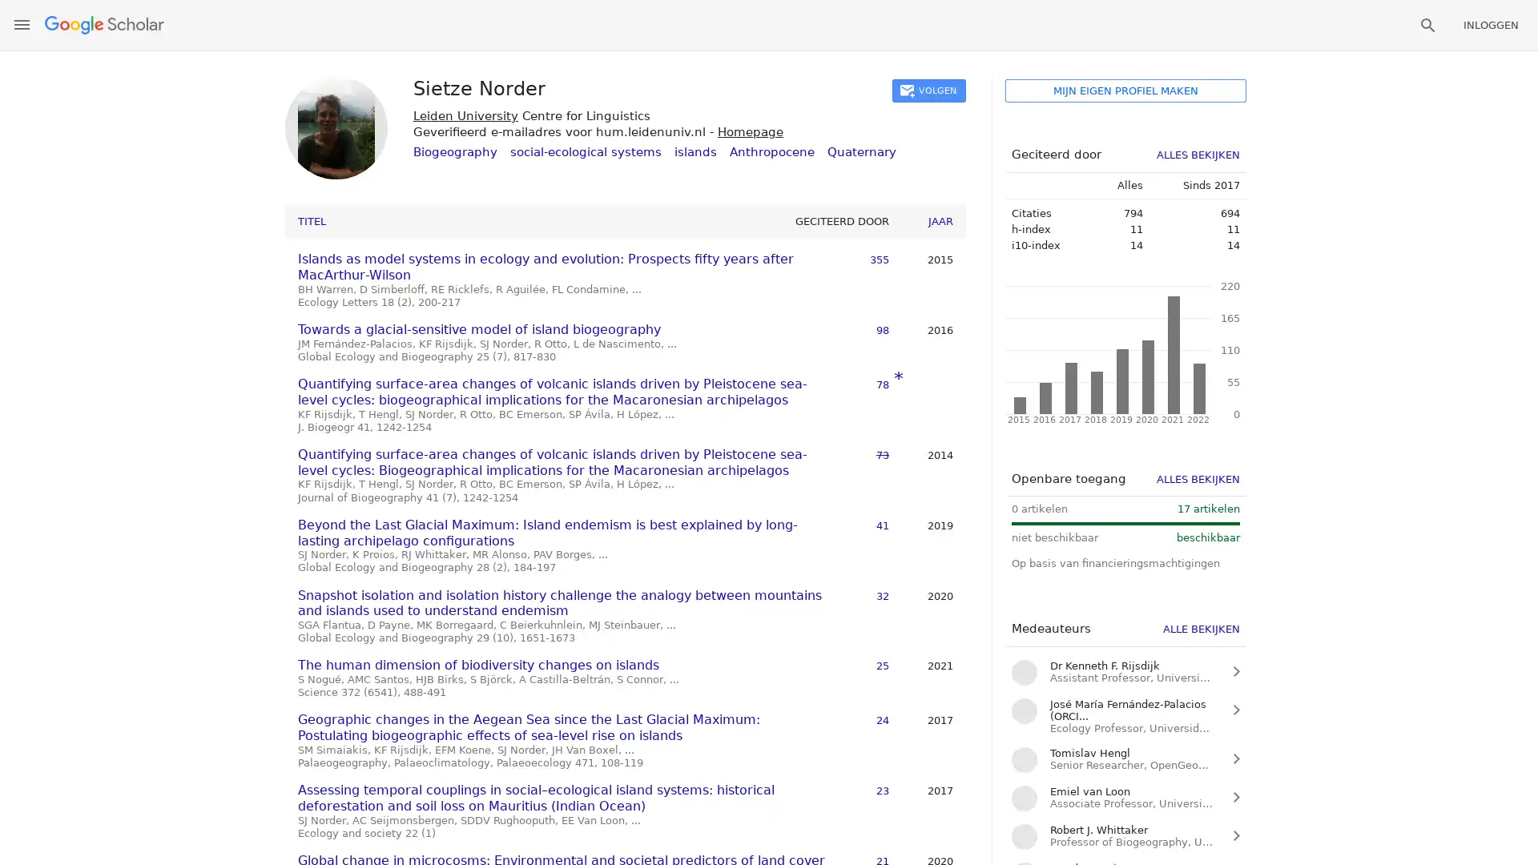 The height and width of the screenshot is (865, 1538). I want to click on ALLE BEKIJKEN, so click(1201, 628).